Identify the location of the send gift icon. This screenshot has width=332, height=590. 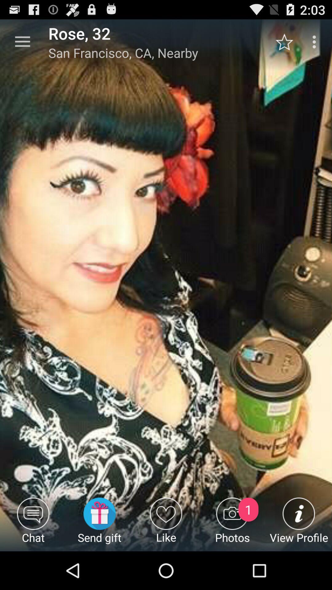
(99, 524).